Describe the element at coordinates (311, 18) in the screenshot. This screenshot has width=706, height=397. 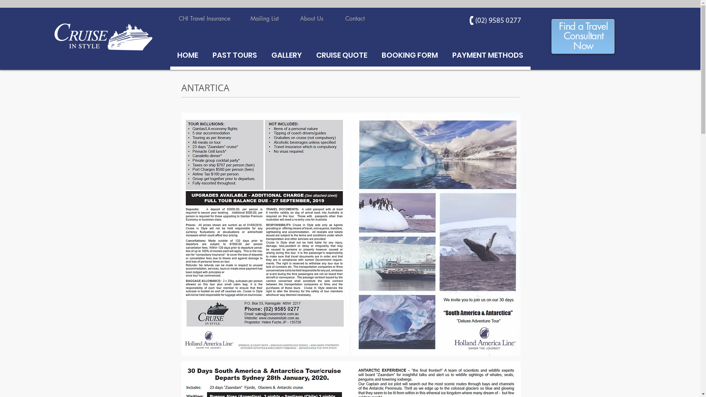
I see `'About Us'` at that location.